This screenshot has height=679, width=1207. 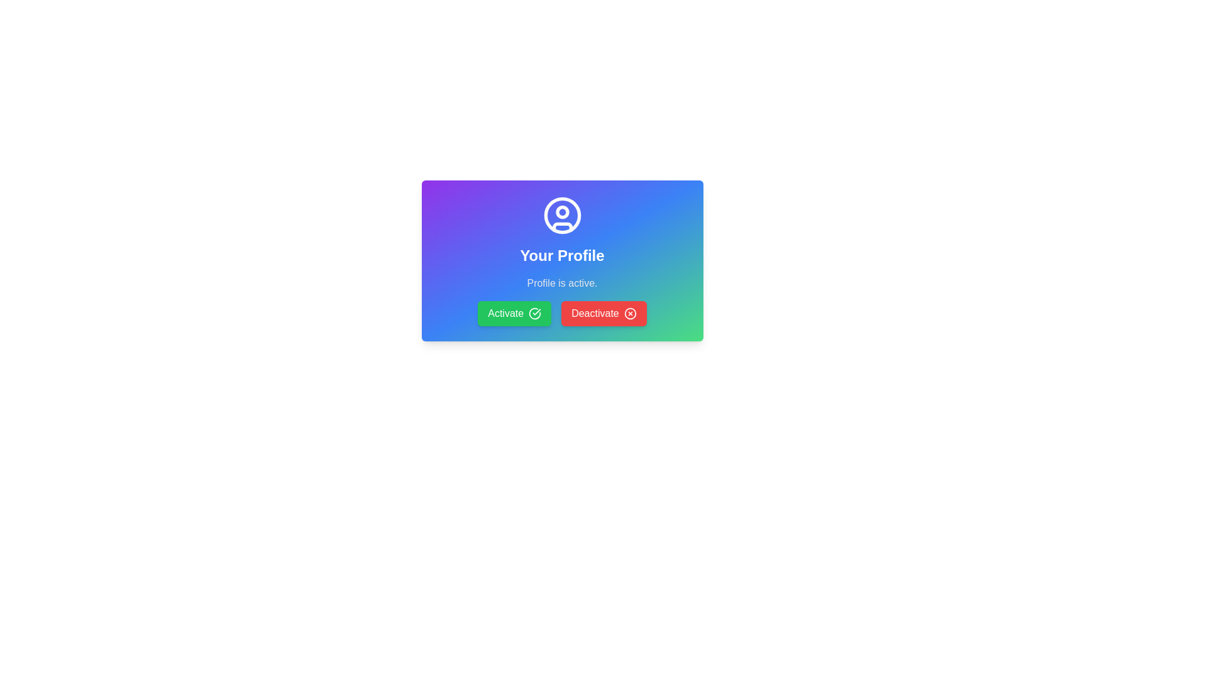 I want to click on the 'Activate' button icon, which features a check mark imagery, located at the right edge of the 'Activate' button, so click(x=535, y=312).